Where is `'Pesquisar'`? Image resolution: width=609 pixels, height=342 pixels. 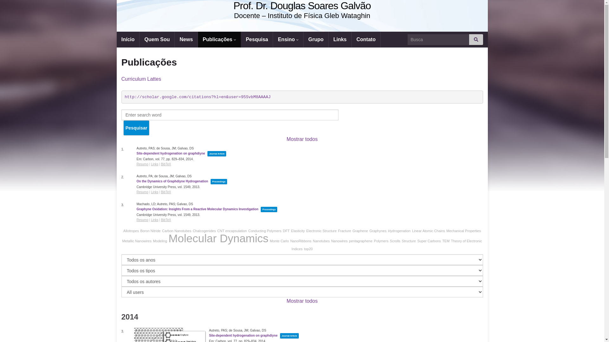
'Pesquisar' is located at coordinates (136, 128).